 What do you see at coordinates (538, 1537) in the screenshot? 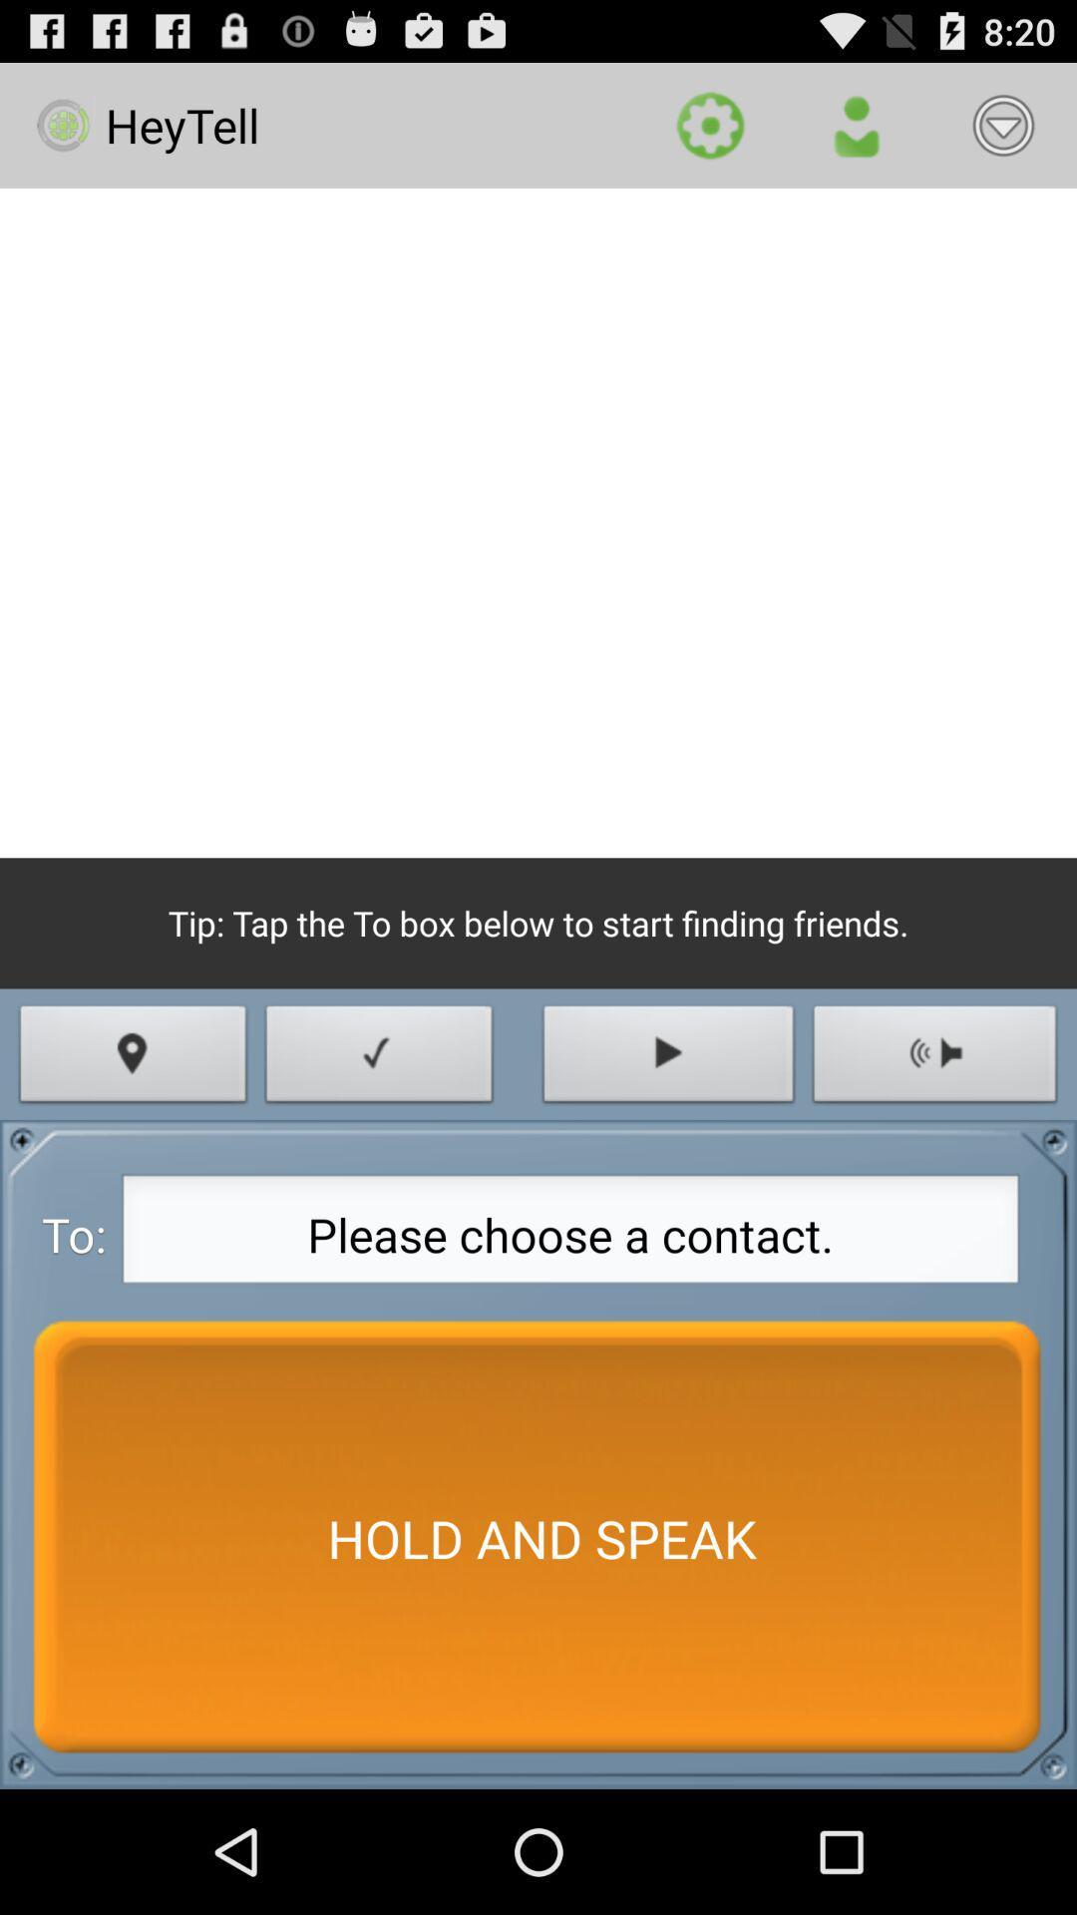
I see `the item at the bottom` at bounding box center [538, 1537].